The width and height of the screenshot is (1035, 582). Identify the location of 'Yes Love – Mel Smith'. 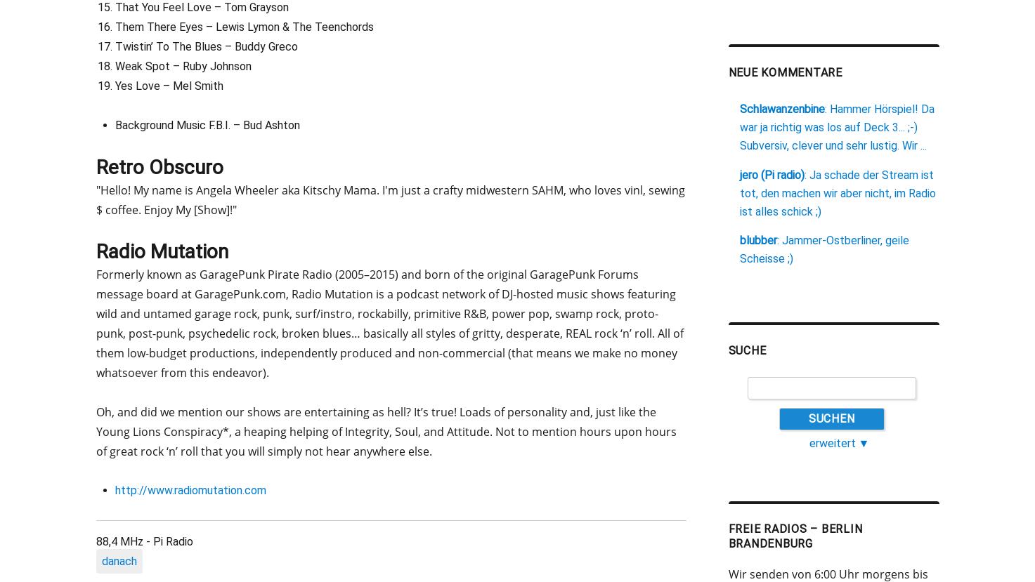
(167, 84).